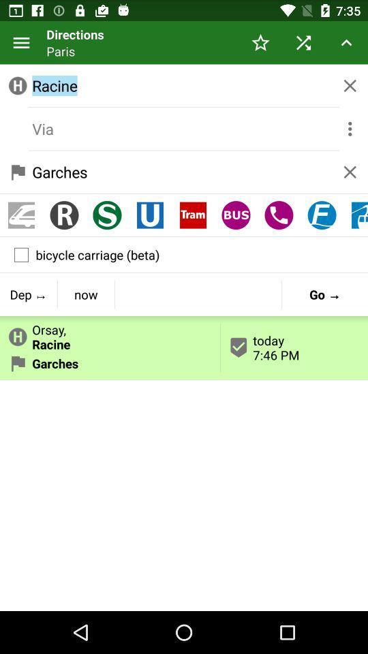 Image resolution: width=368 pixels, height=654 pixels. What do you see at coordinates (303, 42) in the screenshot?
I see `icon above racine` at bounding box center [303, 42].